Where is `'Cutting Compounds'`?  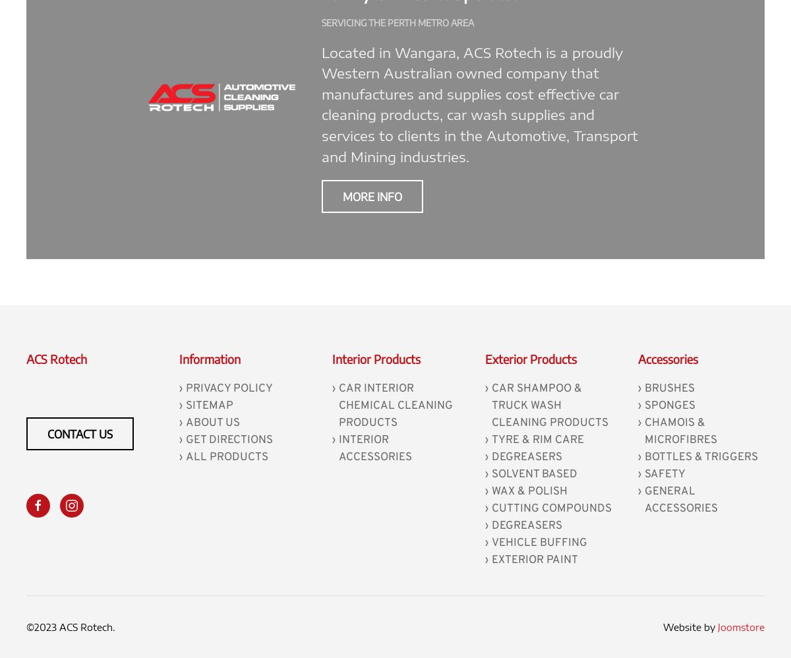 'Cutting Compounds' is located at coordinates (492, 507).